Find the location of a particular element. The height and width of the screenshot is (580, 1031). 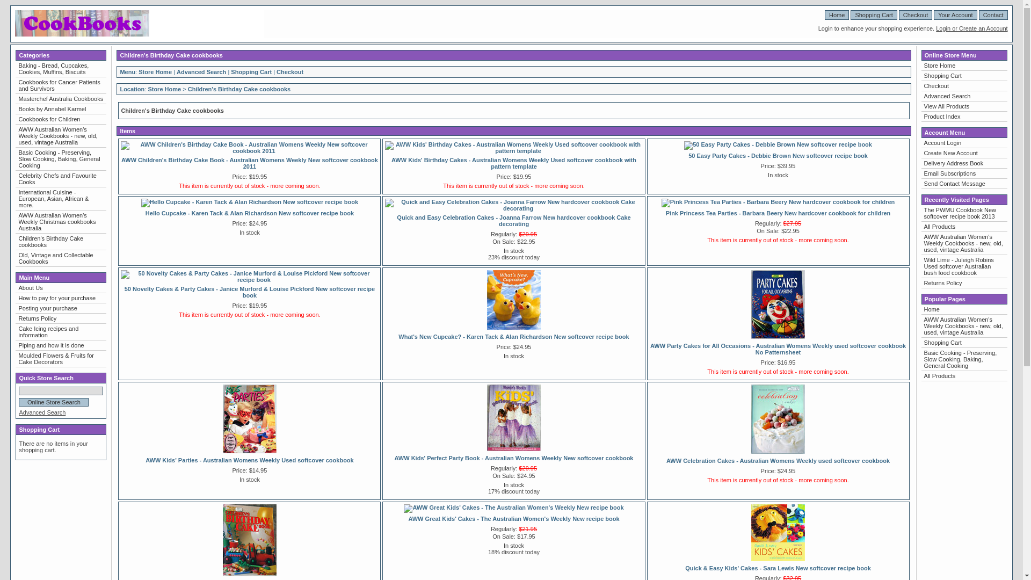

'Cookbooks for Children' is located at coordinates (60, 119).